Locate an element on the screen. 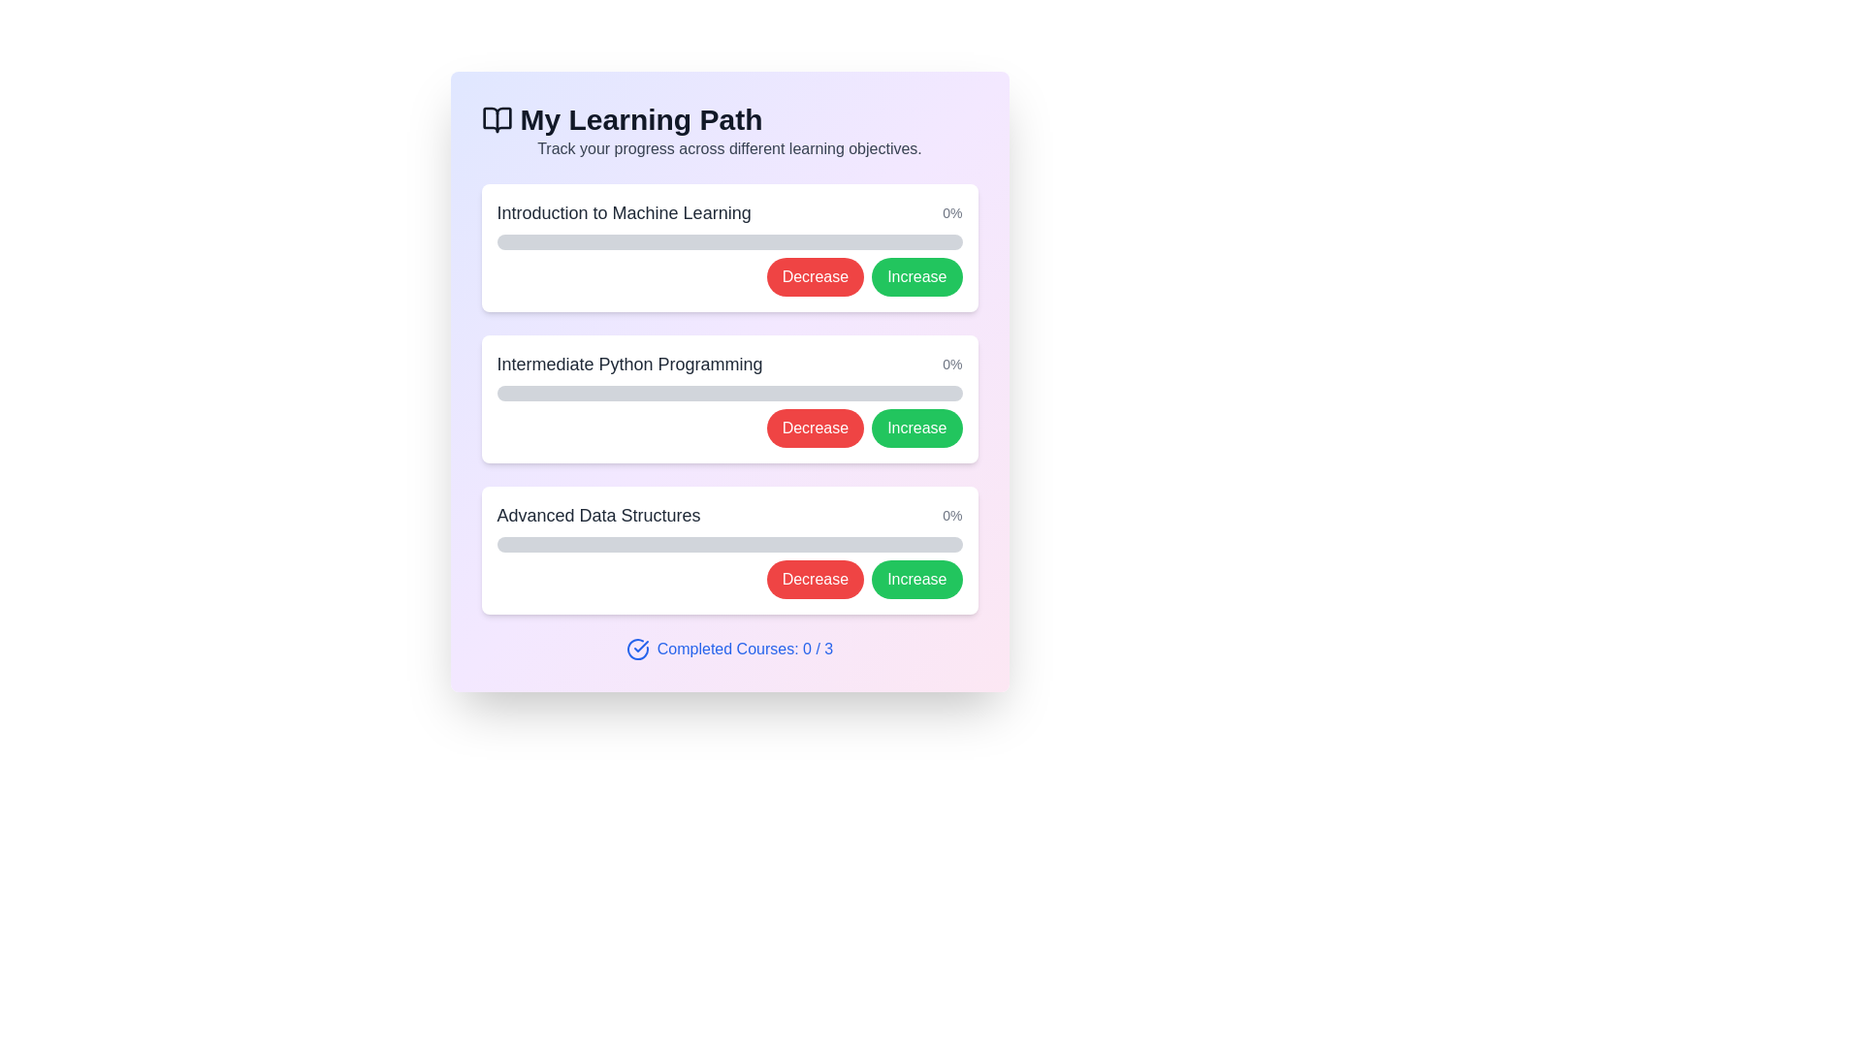 This screenshot has height=1047, width=1862. the Progress Bar located within the 'Introduction to Machine Learning' card, positioned beneath the '0%' percentage display is located at coordinates (728, 241).